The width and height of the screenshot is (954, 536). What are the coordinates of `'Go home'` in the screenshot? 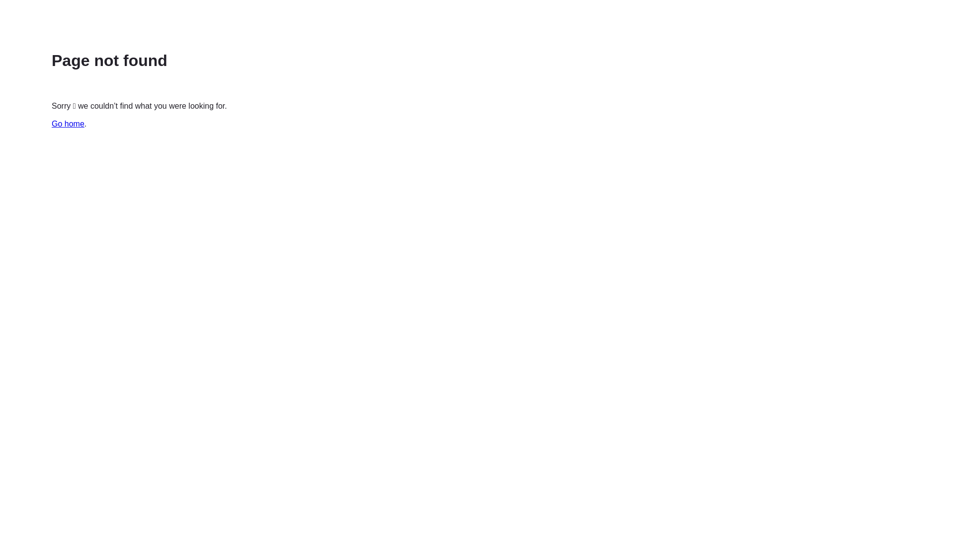 It's located at (68, 123).